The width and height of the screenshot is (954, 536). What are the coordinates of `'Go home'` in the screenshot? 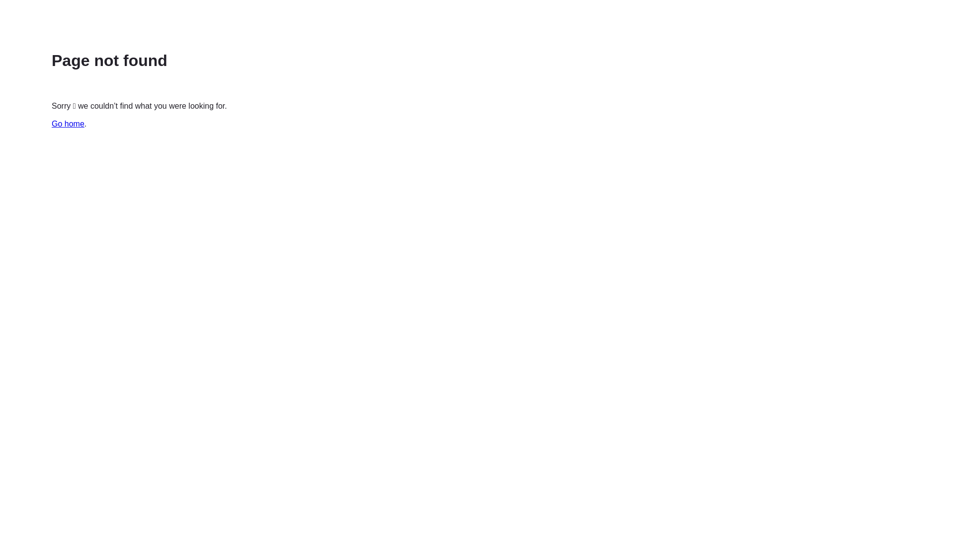 It's located at (68, 123).